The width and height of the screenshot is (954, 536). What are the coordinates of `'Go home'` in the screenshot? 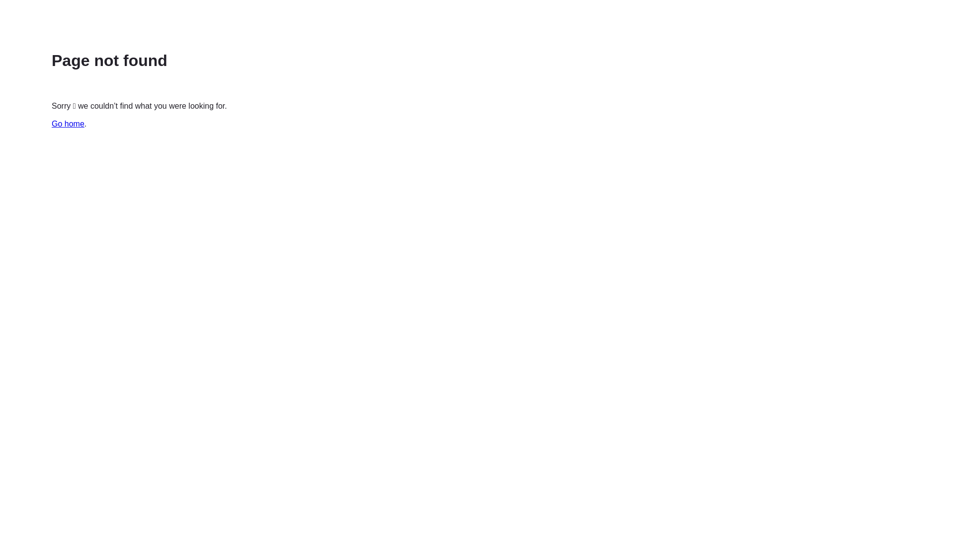 It's located at (68, 123).